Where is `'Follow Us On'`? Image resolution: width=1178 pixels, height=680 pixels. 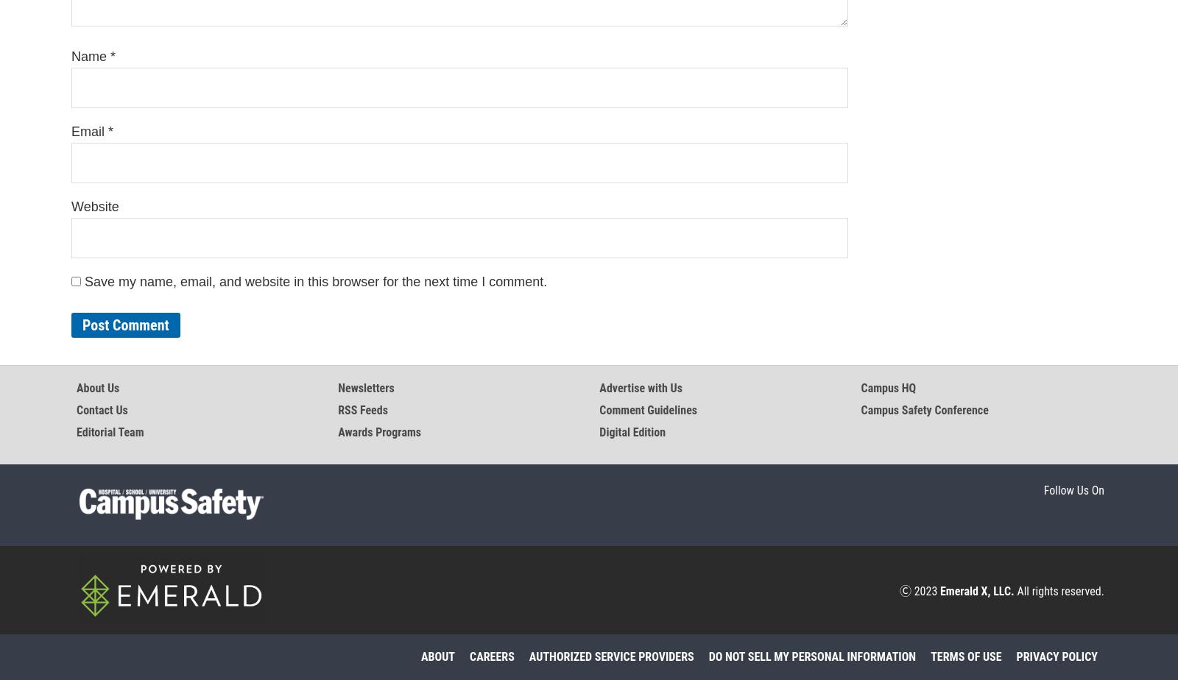 'Follow Us On' is located at coordinates (1073, 490).